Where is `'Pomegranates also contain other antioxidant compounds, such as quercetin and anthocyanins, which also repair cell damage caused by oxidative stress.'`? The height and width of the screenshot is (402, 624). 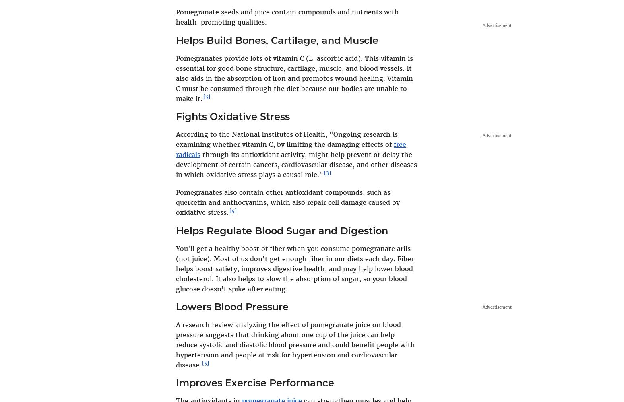
'Pomegranates also contain other antioxidant compounds, such as quercetin and anthocyanins, which also repair cell damage caused by oxidative stress.' is located at coordinates (288, 202).